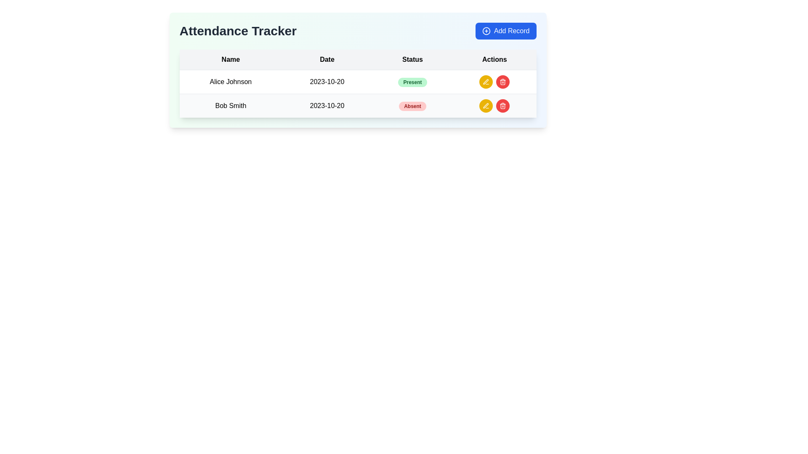  I want to click on the static text element displaying 'Bob Smith' located in the second row's first cell of the table under the 'Name' column, so click(231, 105).